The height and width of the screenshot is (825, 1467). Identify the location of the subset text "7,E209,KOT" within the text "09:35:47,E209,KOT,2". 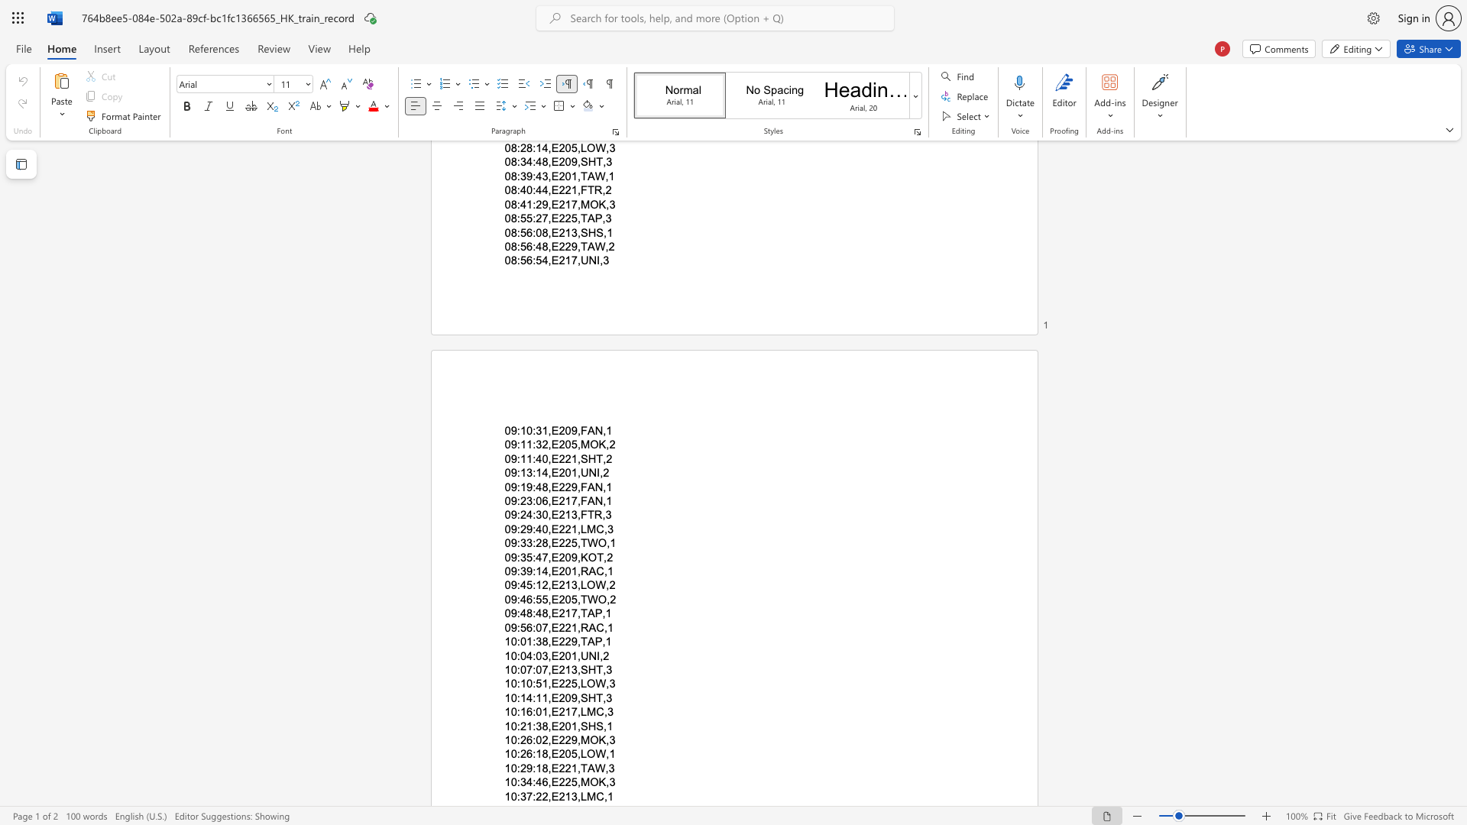
(542, 557).